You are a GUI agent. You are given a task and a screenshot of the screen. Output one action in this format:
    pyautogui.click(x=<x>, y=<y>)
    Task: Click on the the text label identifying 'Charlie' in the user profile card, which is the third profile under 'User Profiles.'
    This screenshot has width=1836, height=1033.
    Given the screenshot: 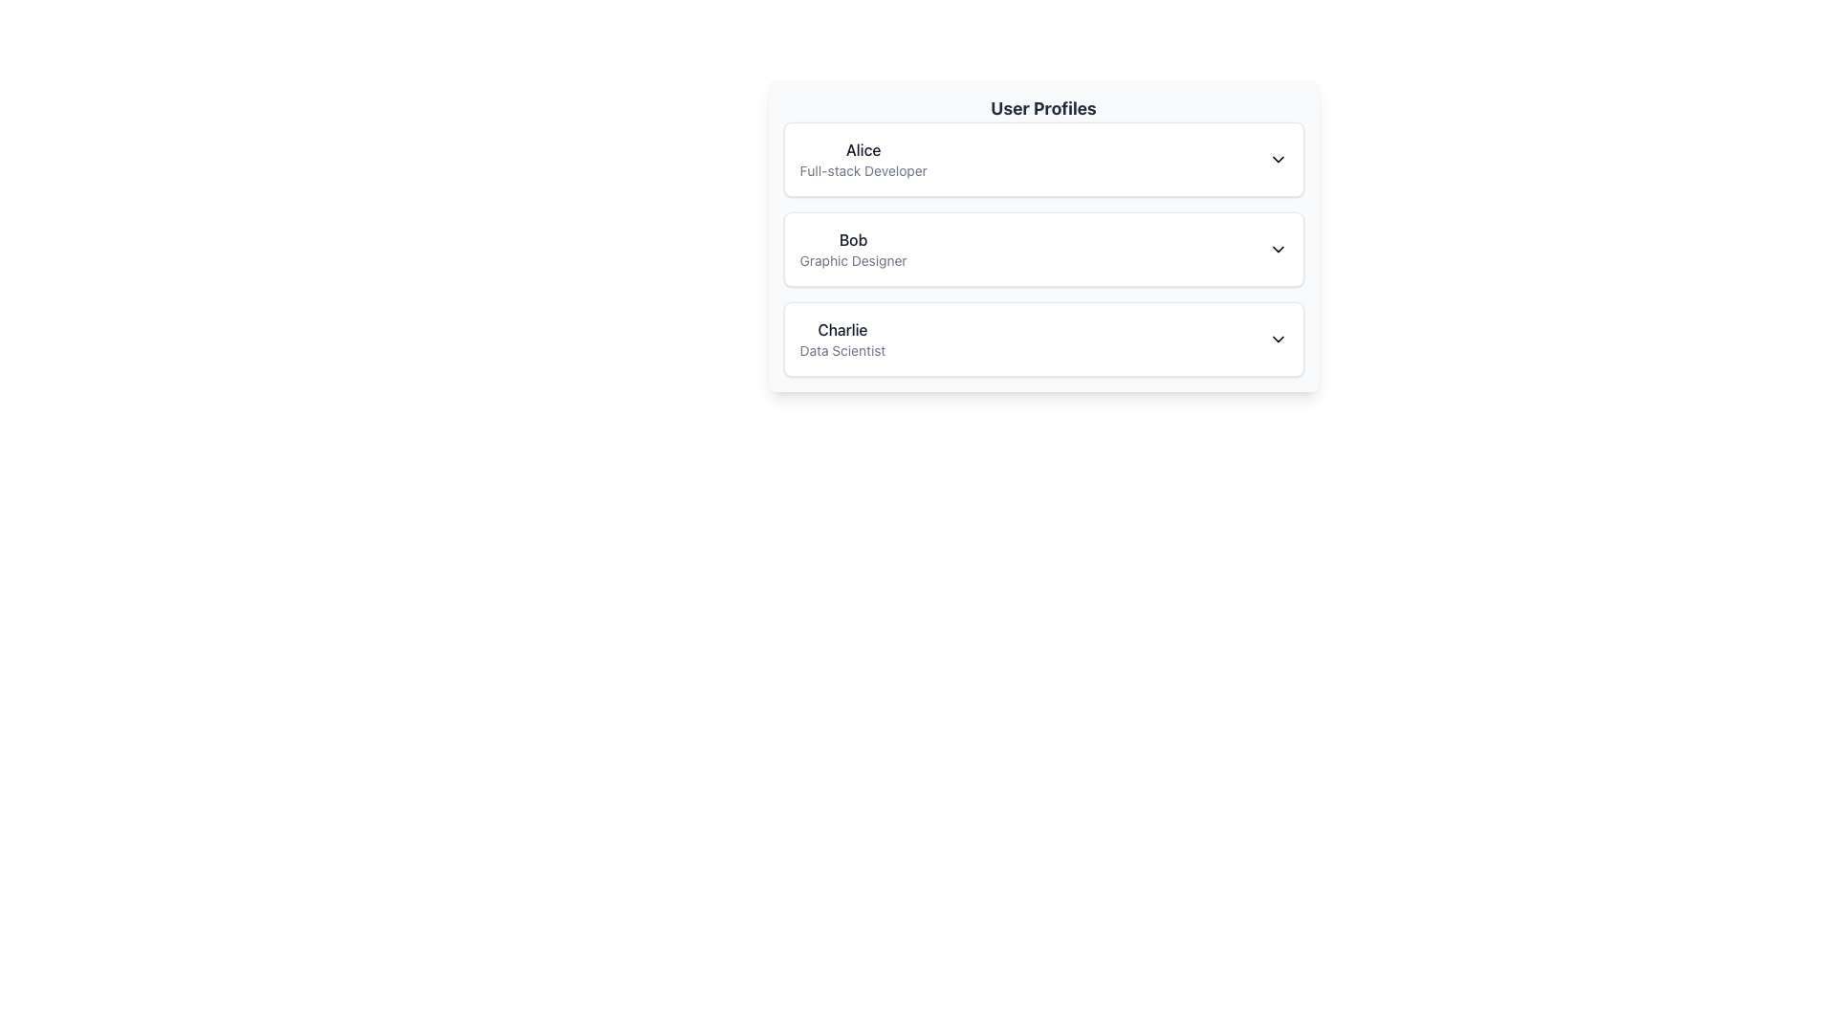 What is the action you would take?
    pyautogui.click(x=841, y=328)
    